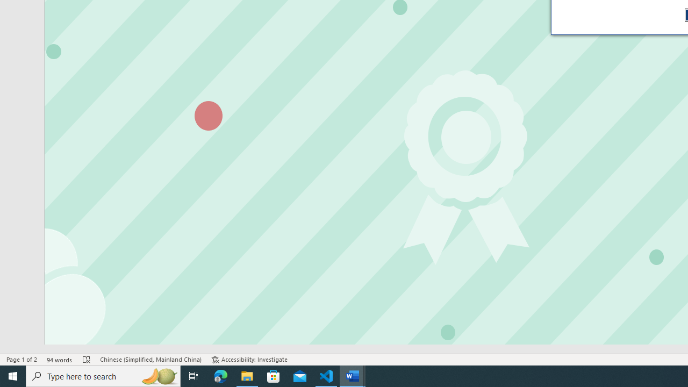  What do you see at coordinates (13, 375) in the screenshot?
I see `'Start'` at bounding box center [13, 375].